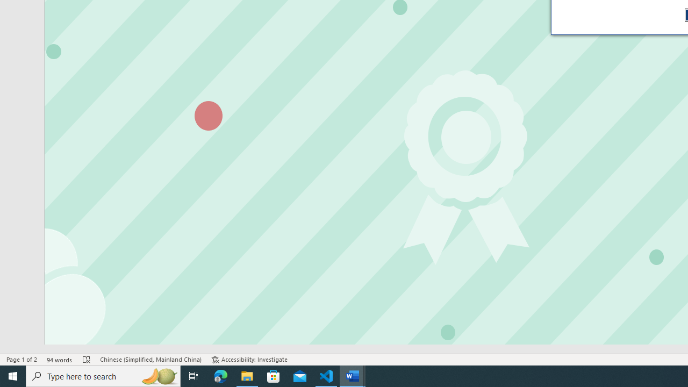  What do you see at coordinates (13, 375) in the screenshot?
I see `'Start'` at bounding box center [13, 375].